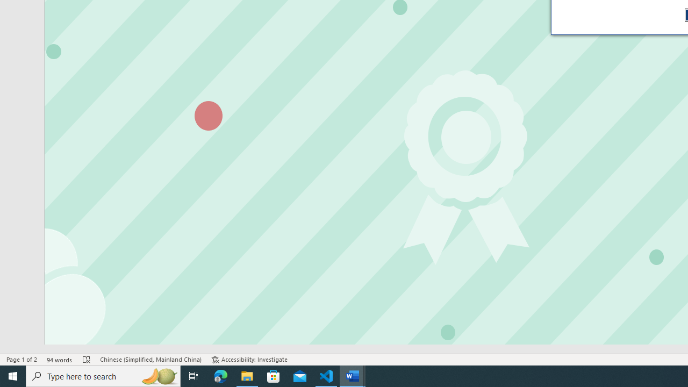  What do you see at coordinates (13, 375) in the screenshot?
I see `'Start'` at bounding box center [13, 375].